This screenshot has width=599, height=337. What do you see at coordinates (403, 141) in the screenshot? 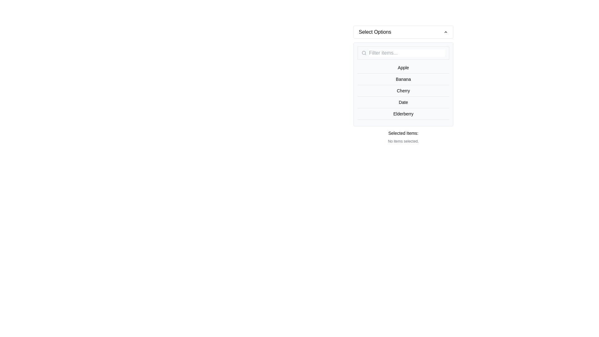
I see `the text label displaying 'No items selected.' in gray color, positioned beneath the 'Selected Items:' label` at bounding box center [403, 141].